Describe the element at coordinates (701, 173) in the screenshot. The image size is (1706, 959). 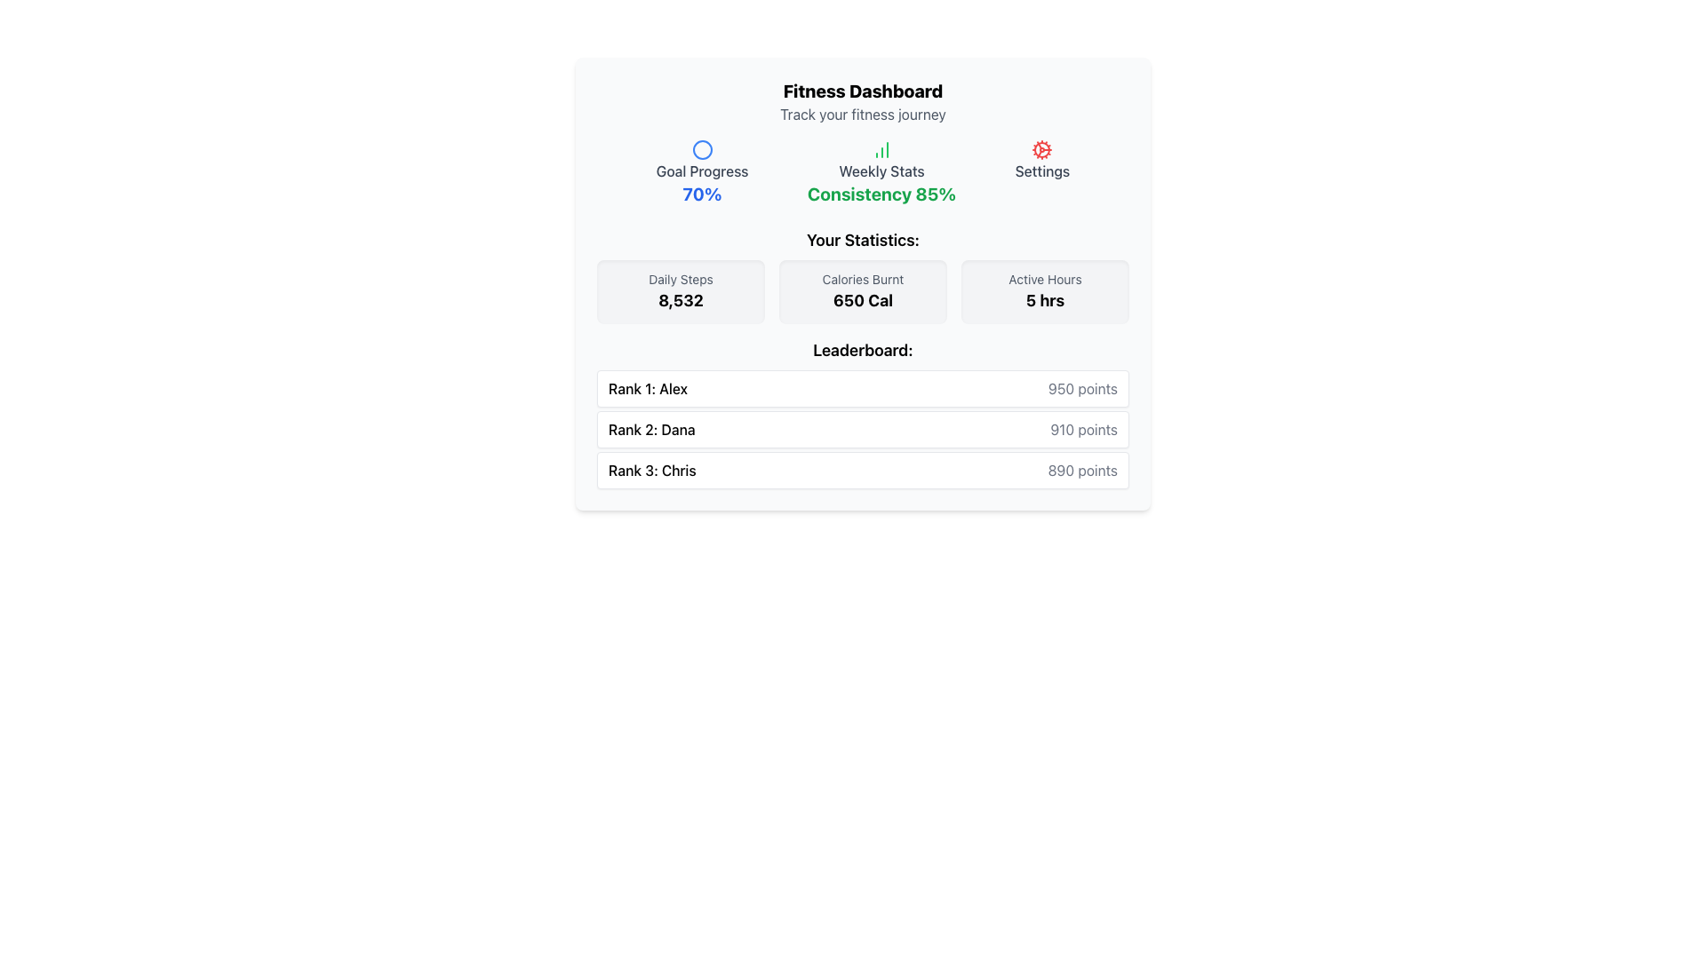
I see `the circle in the Informative card that indicates the user's goal progress, located between 'Weekly Stats' and 'Settings' sections` at that location.